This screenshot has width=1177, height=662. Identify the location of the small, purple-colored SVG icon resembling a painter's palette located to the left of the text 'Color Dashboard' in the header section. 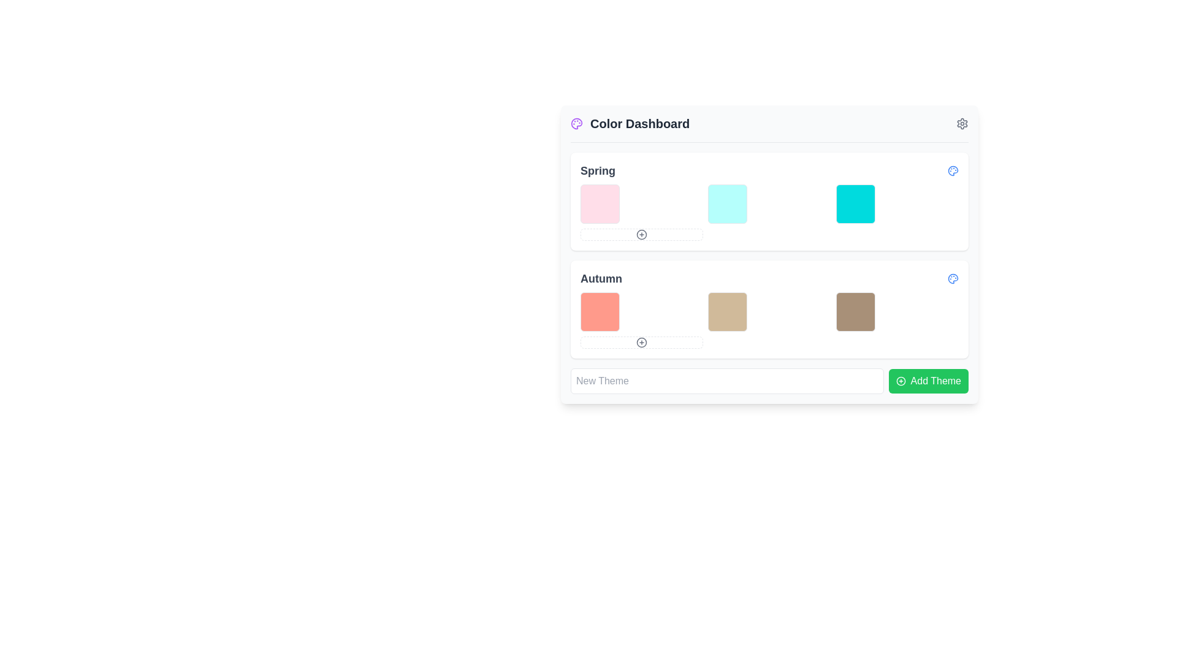
(576, 123).